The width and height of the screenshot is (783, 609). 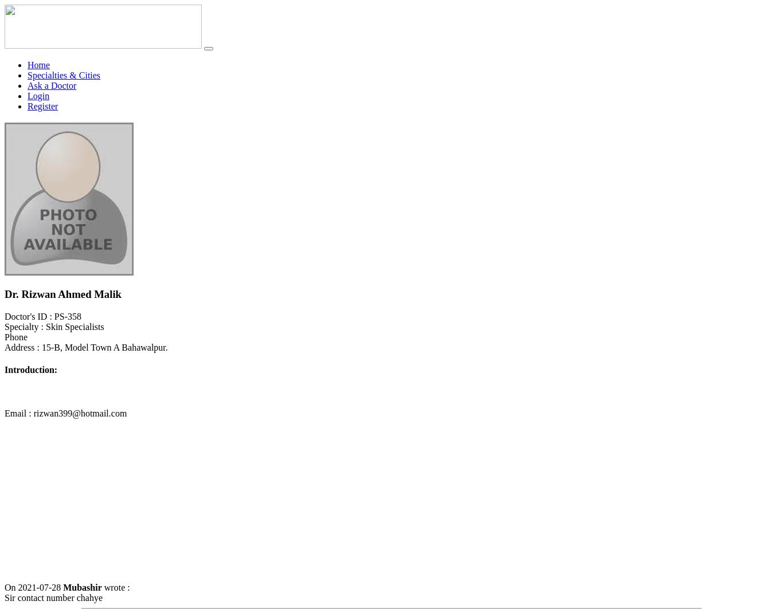 I want to click on 'Introduction:', so click(x=30, y=369).